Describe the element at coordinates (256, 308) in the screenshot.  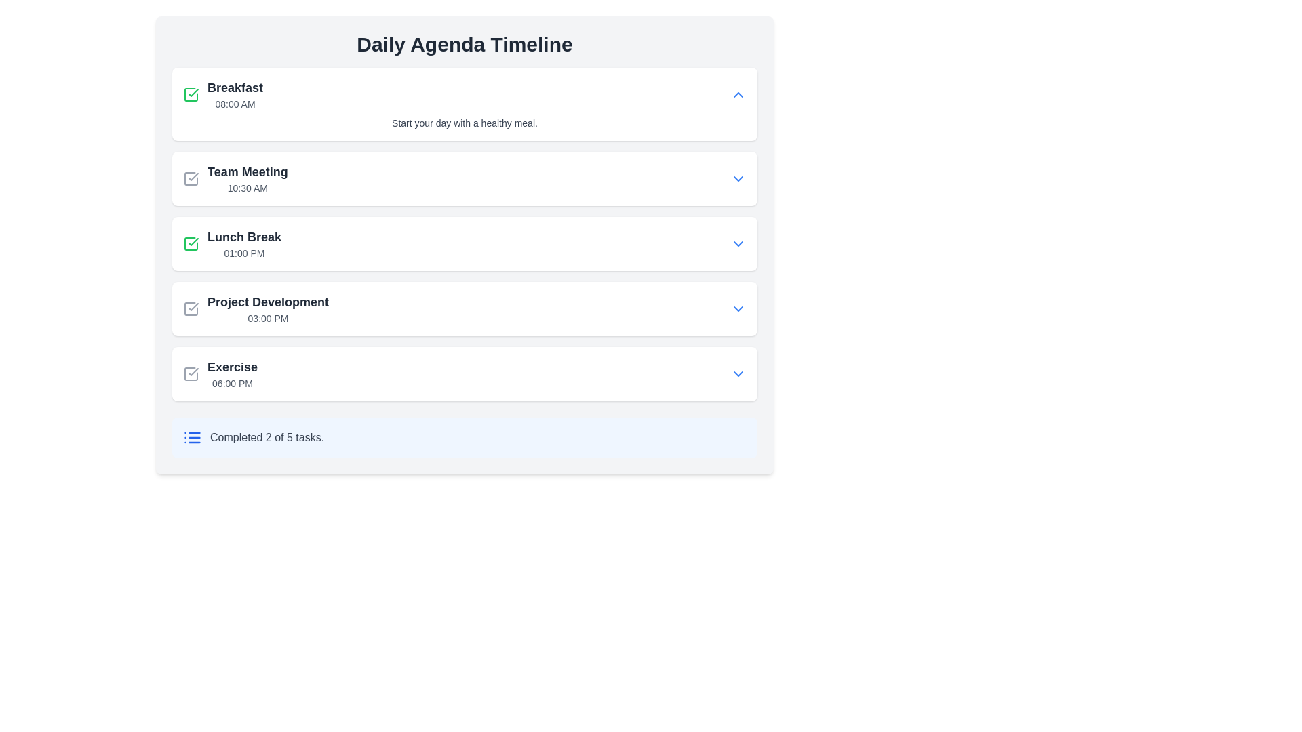
I see `the 'Project Development' task item` at that location.